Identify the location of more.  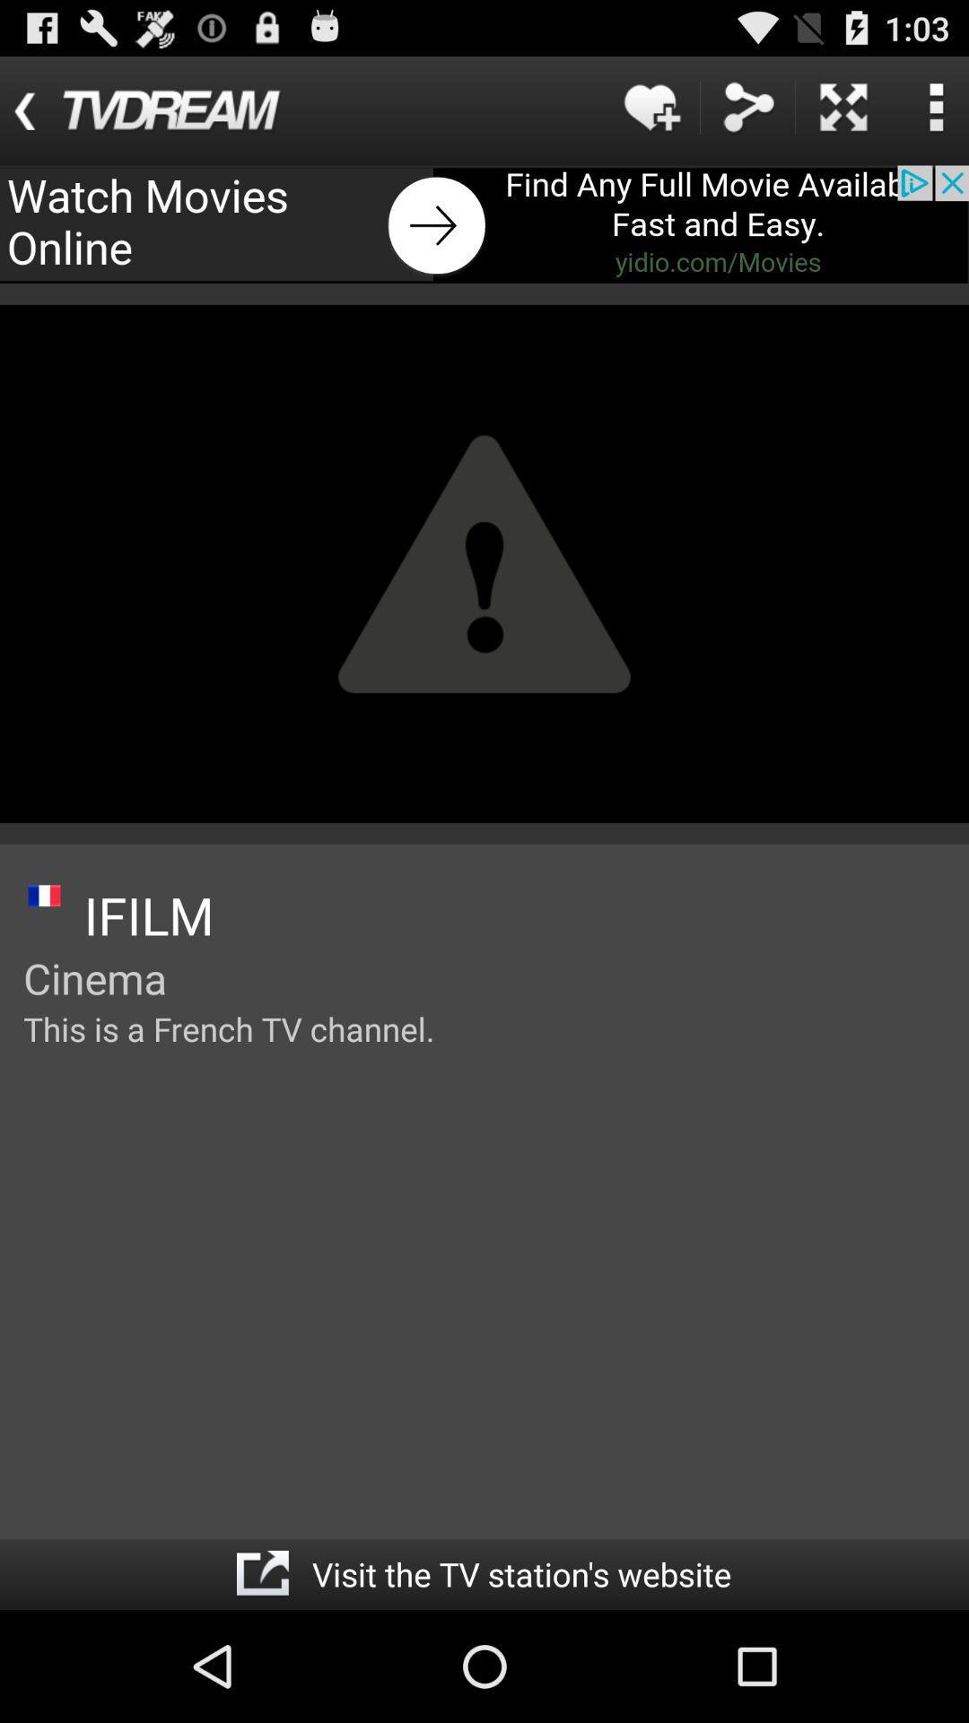
(843, 106).